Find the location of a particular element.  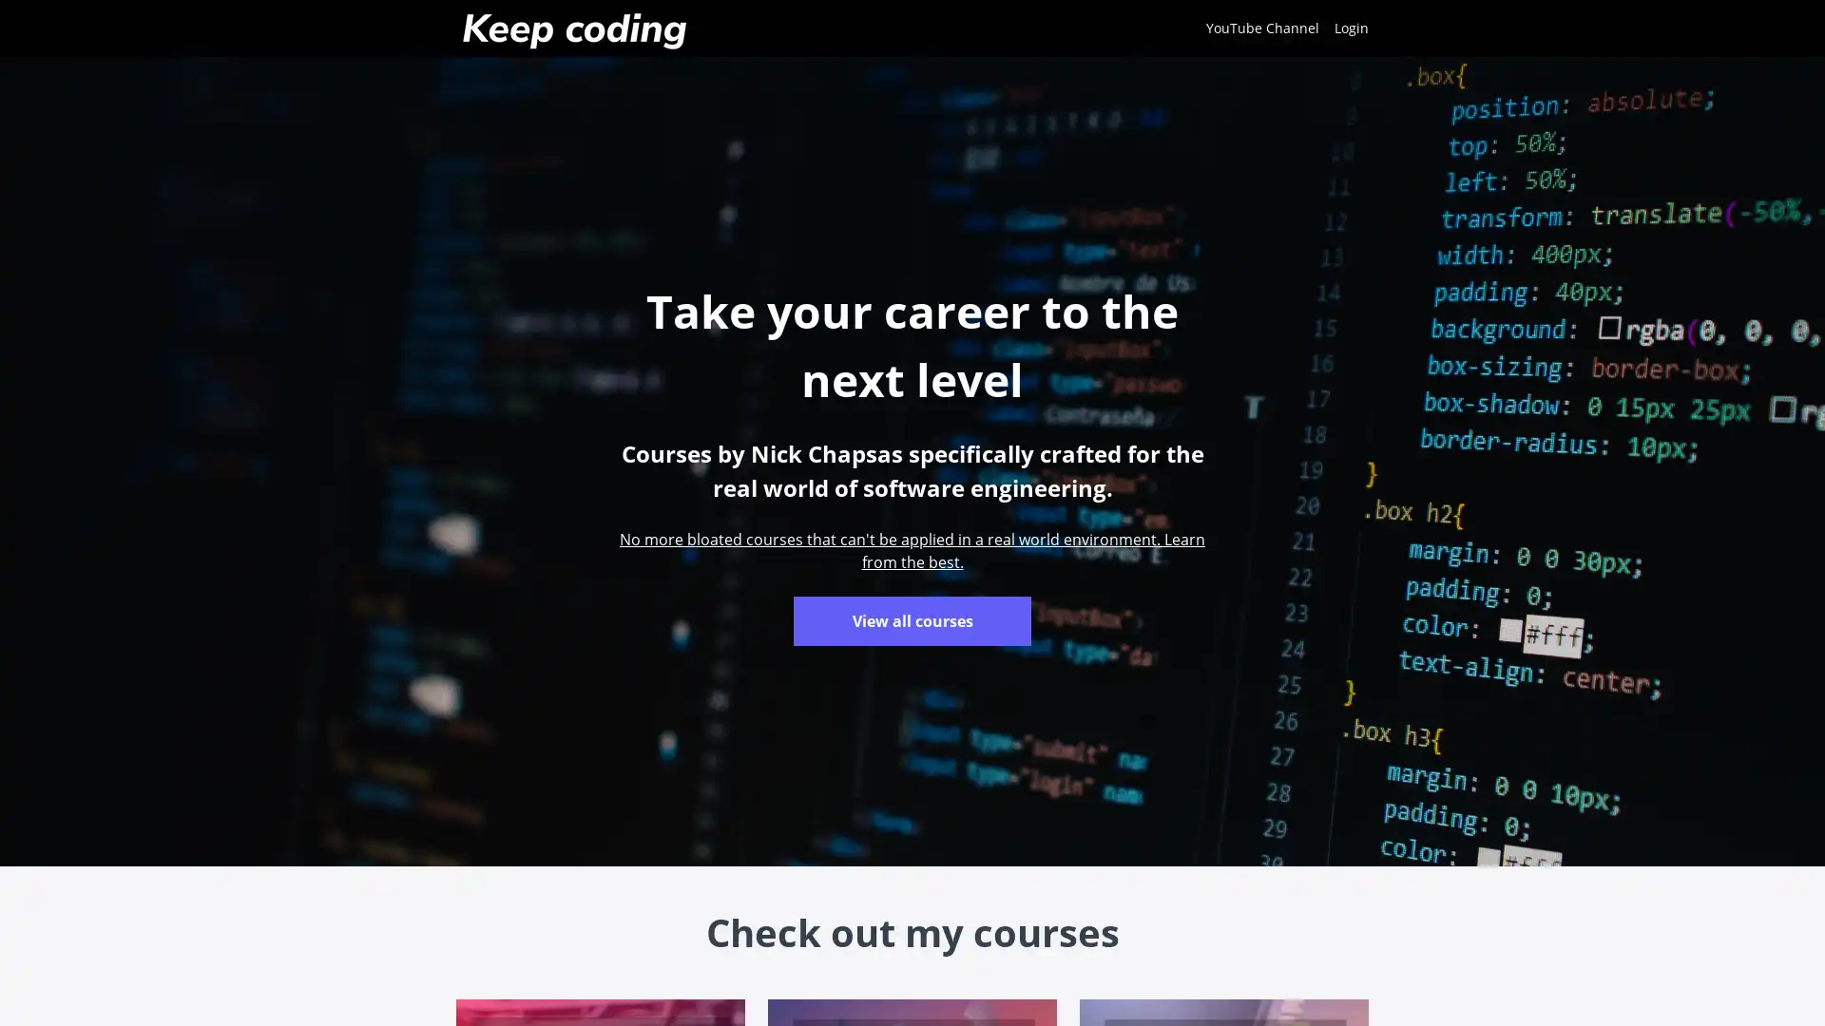

View all courses is located at coordinates (912, 621).